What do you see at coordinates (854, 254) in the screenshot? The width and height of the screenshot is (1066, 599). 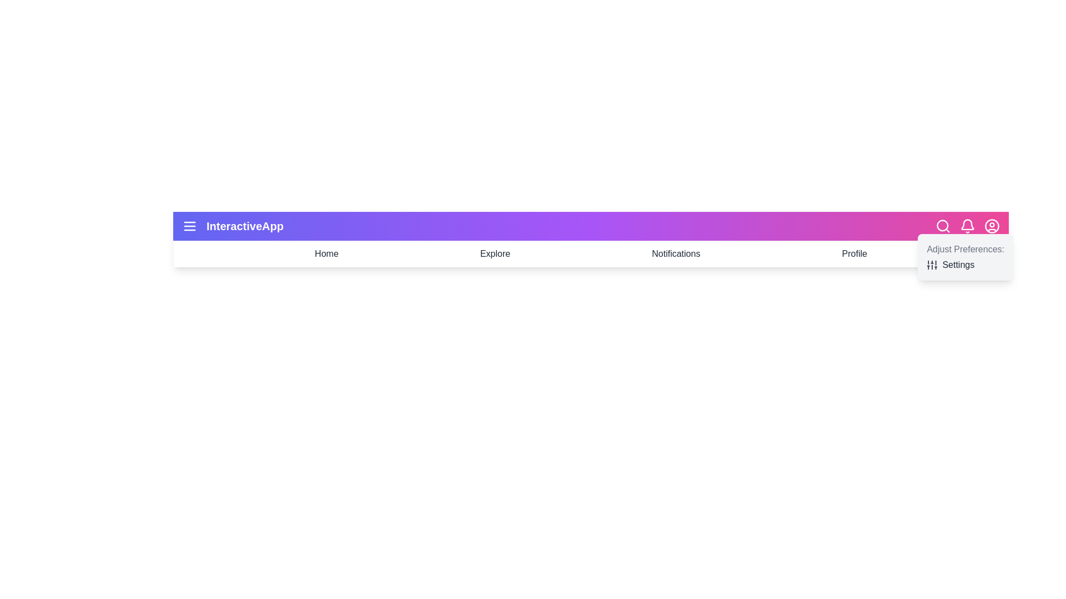 I see `the Profile button to navigate to the respective section` at bounding box center [854, 254].